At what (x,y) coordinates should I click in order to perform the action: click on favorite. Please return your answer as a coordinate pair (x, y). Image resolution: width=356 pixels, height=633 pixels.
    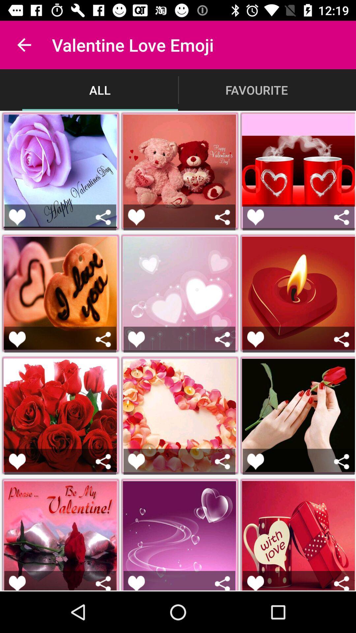
    Looking at the image, I should click on (255, 461).